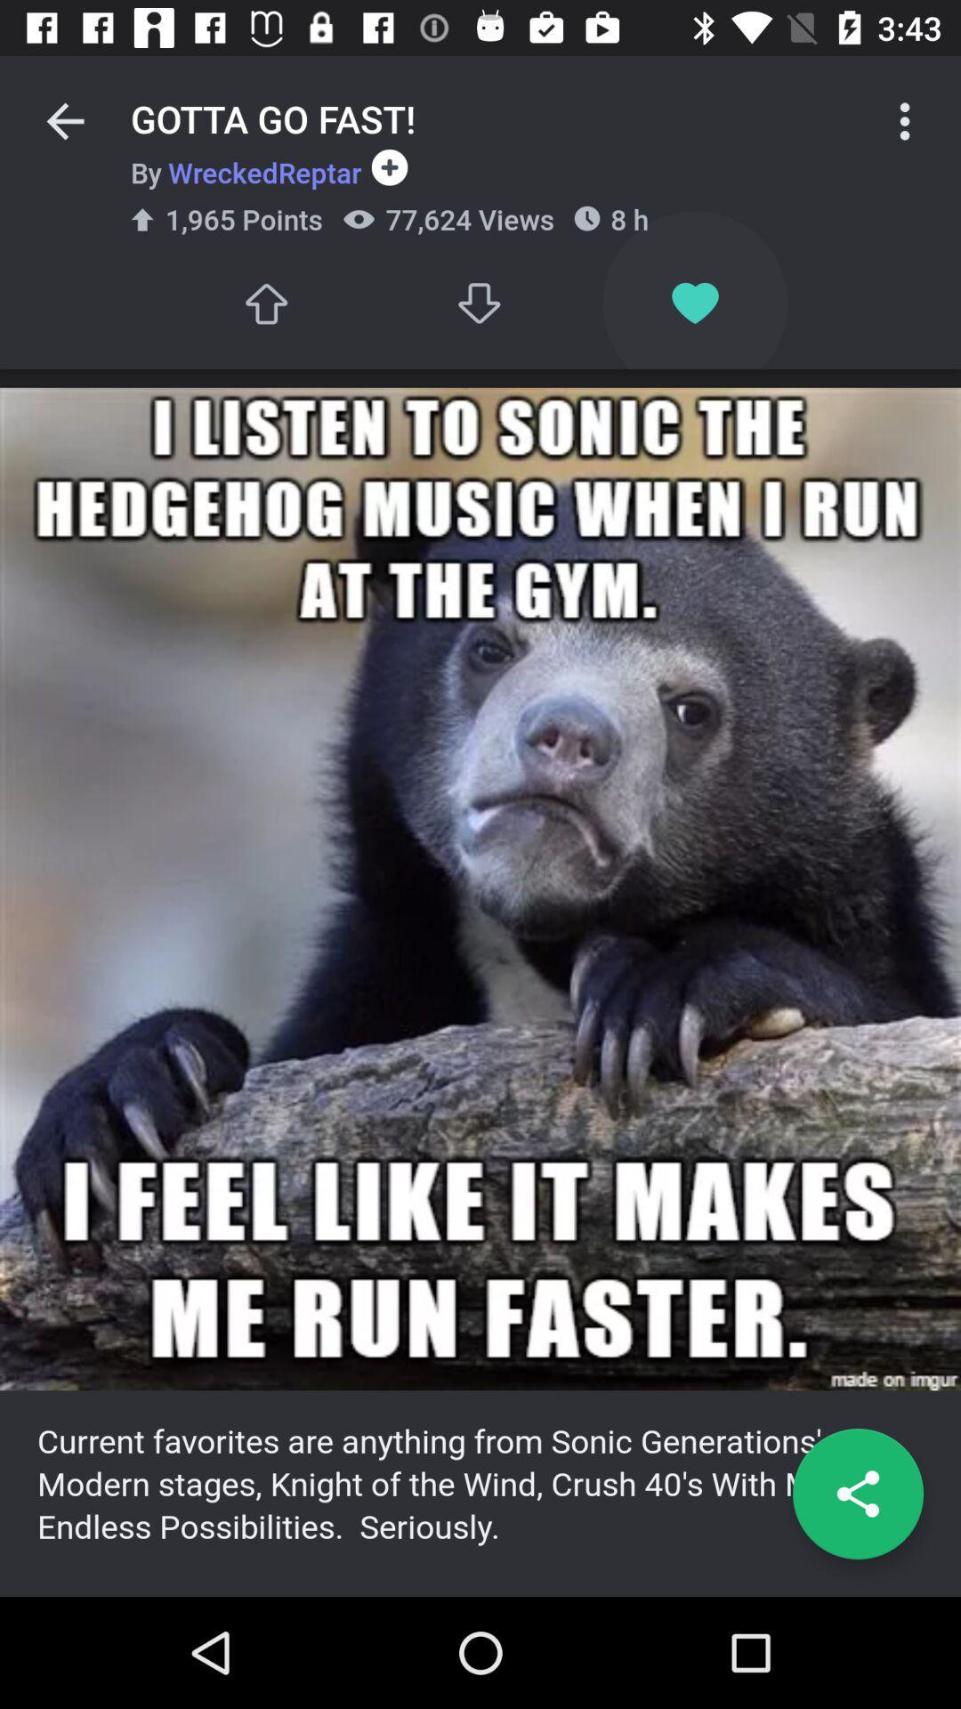  I want to click on upvote this post, so click(265, 304).